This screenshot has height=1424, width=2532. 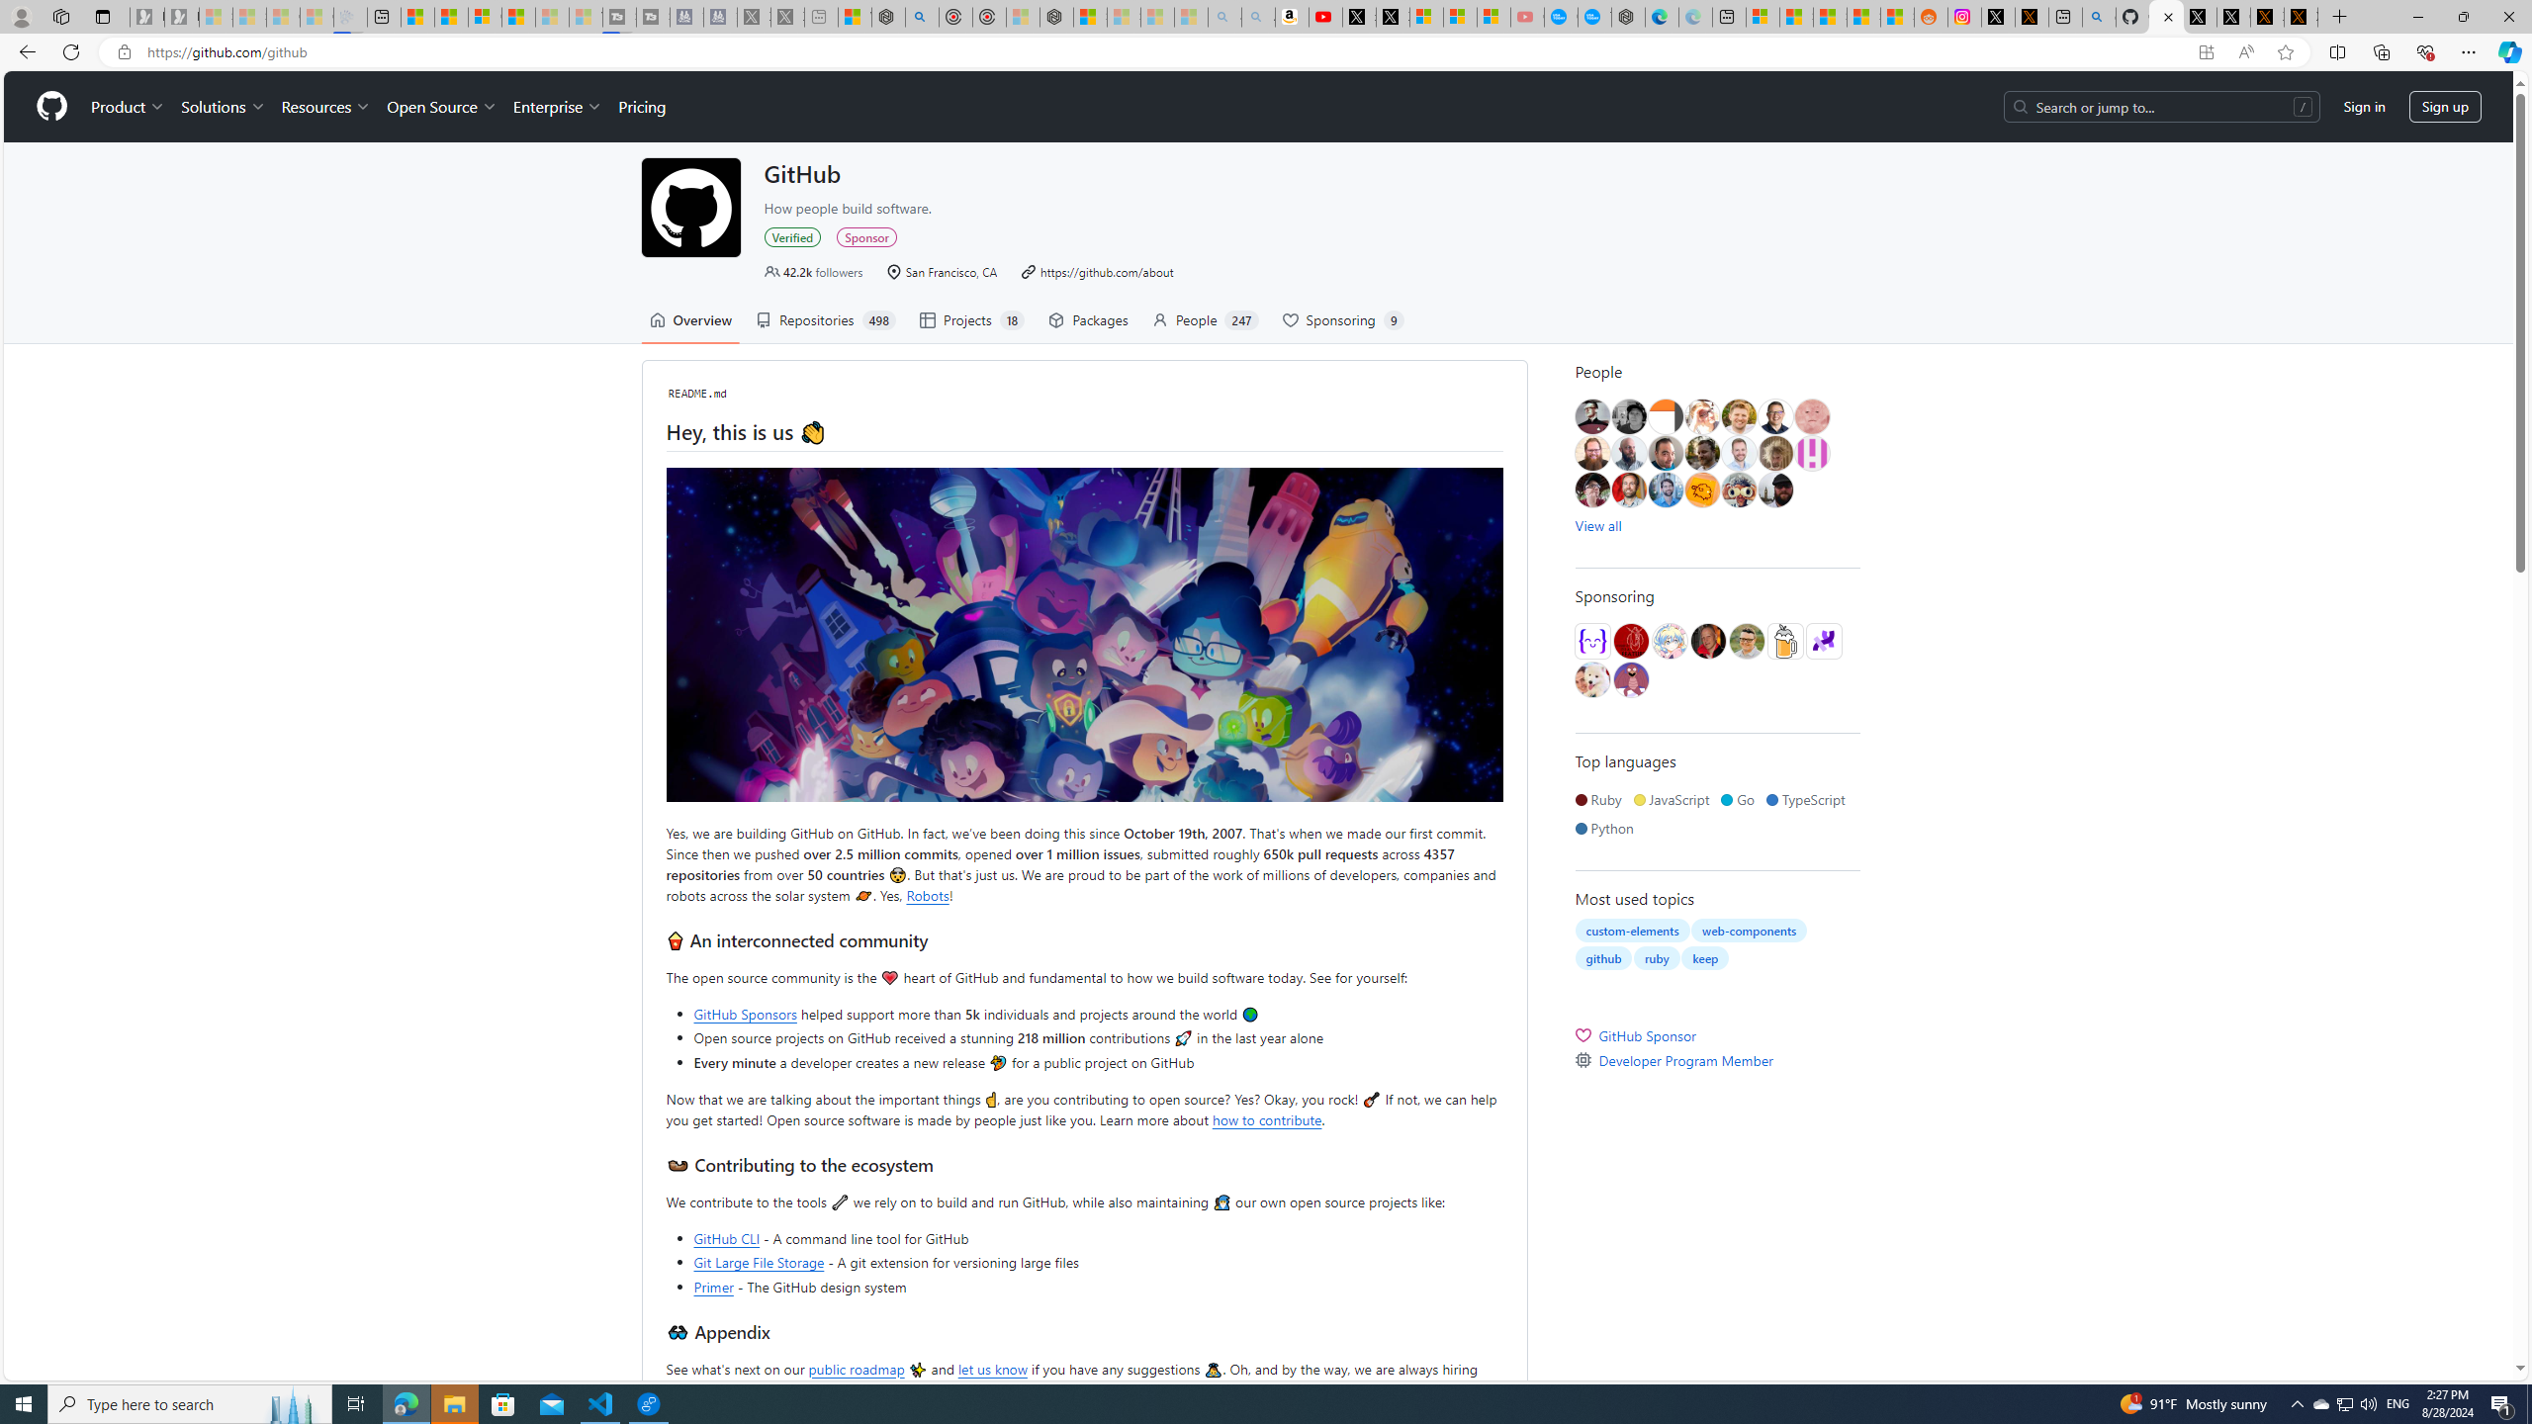 What do you see at coordinates (745, 1014) in the screenshot?
I see `'GitHub Sponsors'` at bounding box center [745, 1014].